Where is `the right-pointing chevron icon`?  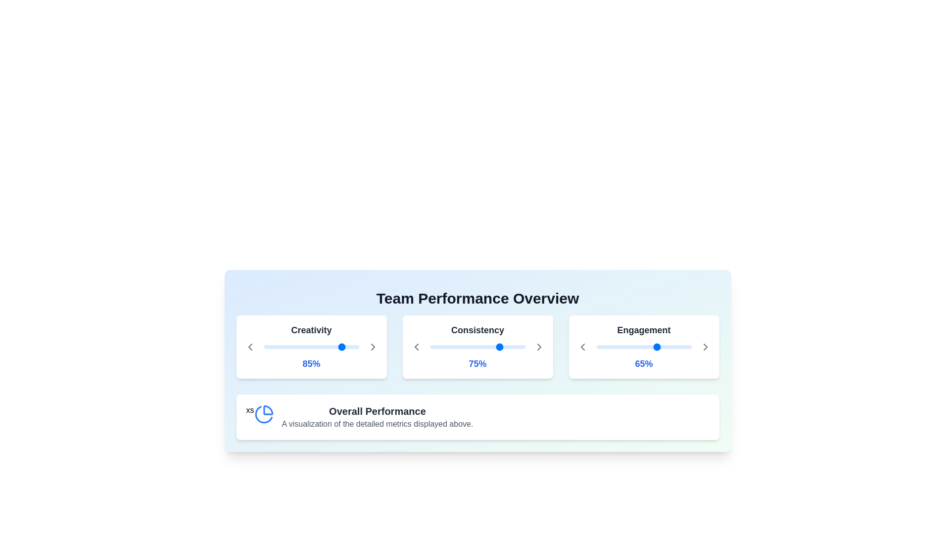
the right-pointing chevron icon is located at coordinates (705, 347).